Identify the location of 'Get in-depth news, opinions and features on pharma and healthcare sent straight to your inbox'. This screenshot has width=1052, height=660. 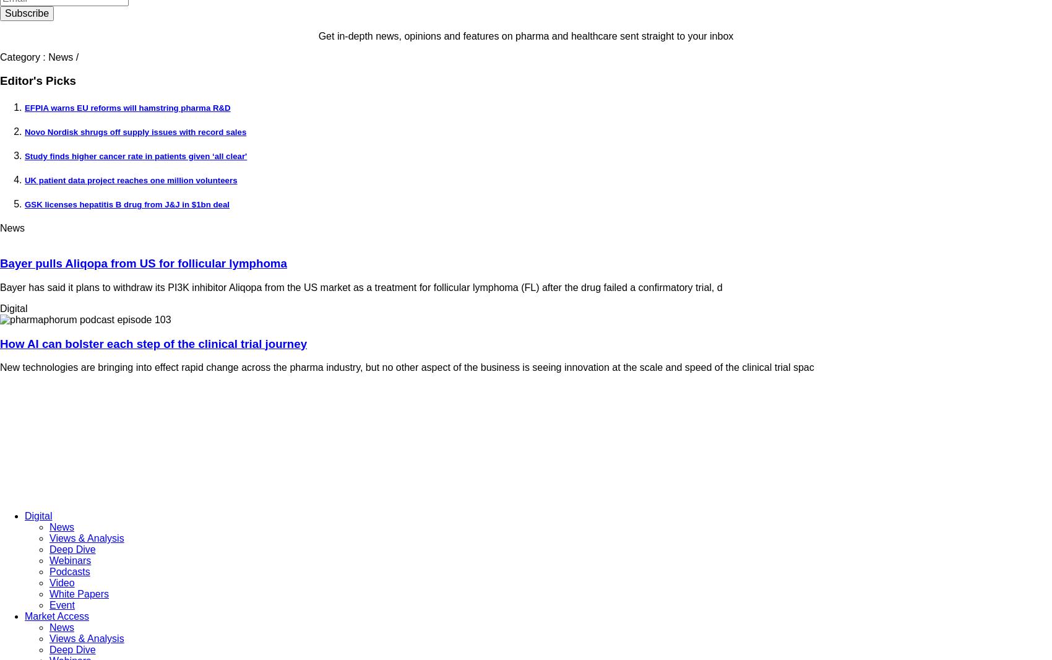
(525, 35).